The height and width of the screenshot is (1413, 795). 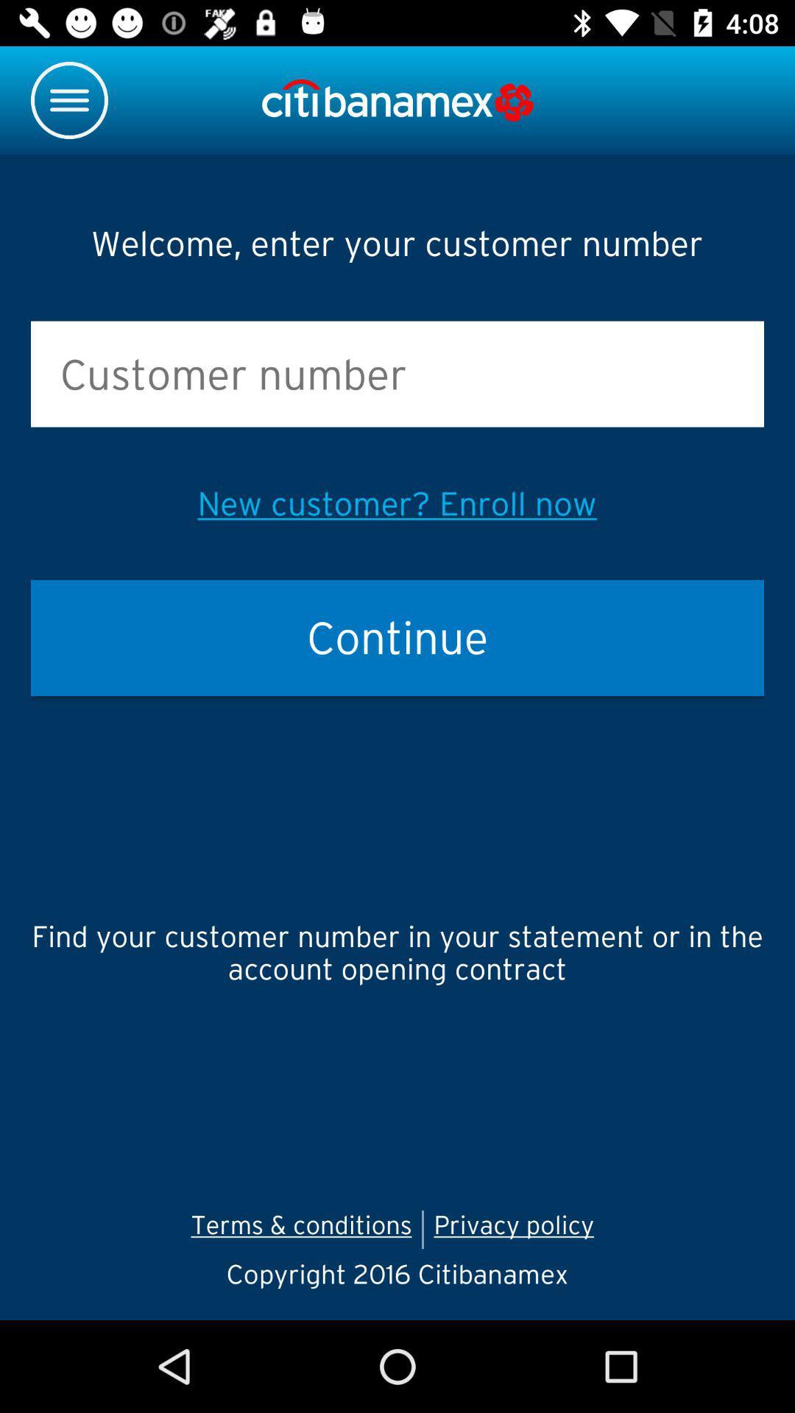 What do you see at coordinates (300, 1229) in the screenshot?
I see `the terms & conditions item` at bounding box center [300, 1229].